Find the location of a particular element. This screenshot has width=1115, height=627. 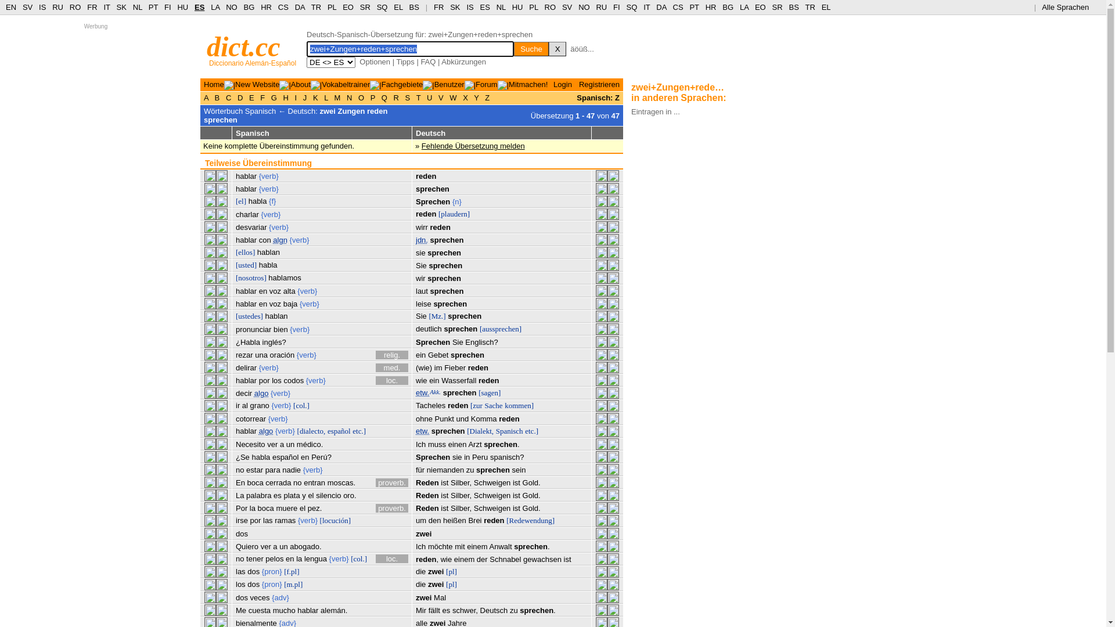

'proverb.' is located at coordinates (392, 482).